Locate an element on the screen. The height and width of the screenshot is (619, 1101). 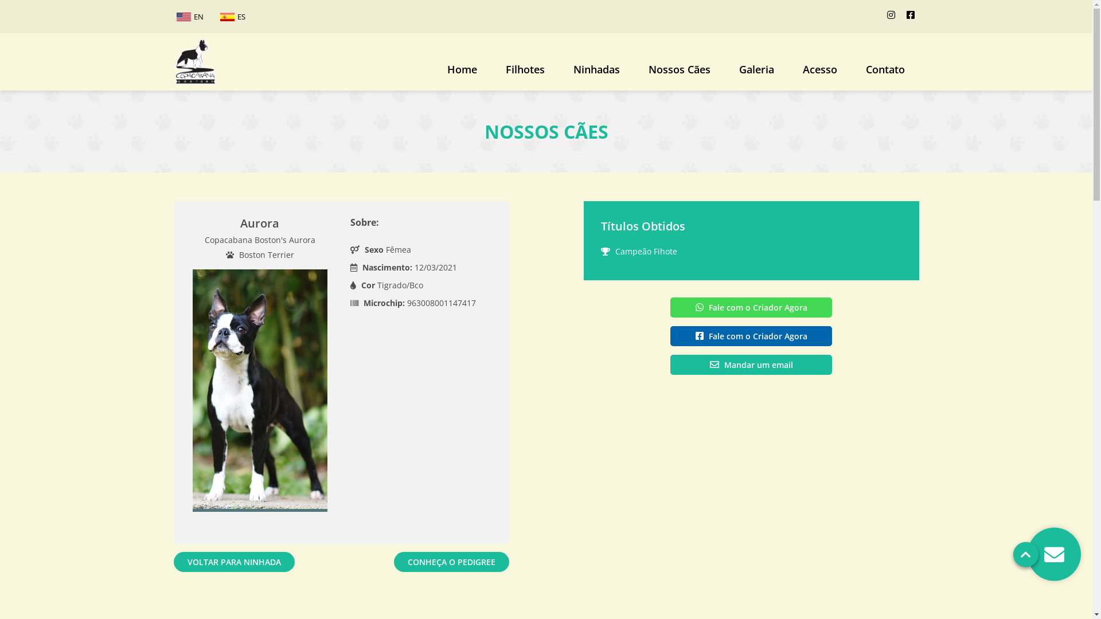
'VOLTAR PARA NINHADA' is located at coordinates (233, 561).